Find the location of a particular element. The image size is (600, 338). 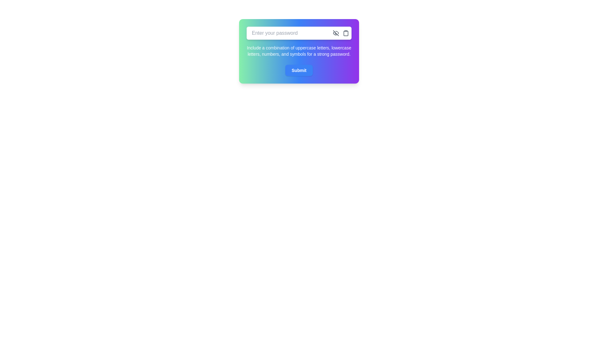

the informational text that guides users on creating a secure password, located below the password input field is located at coordinates (298, 50).